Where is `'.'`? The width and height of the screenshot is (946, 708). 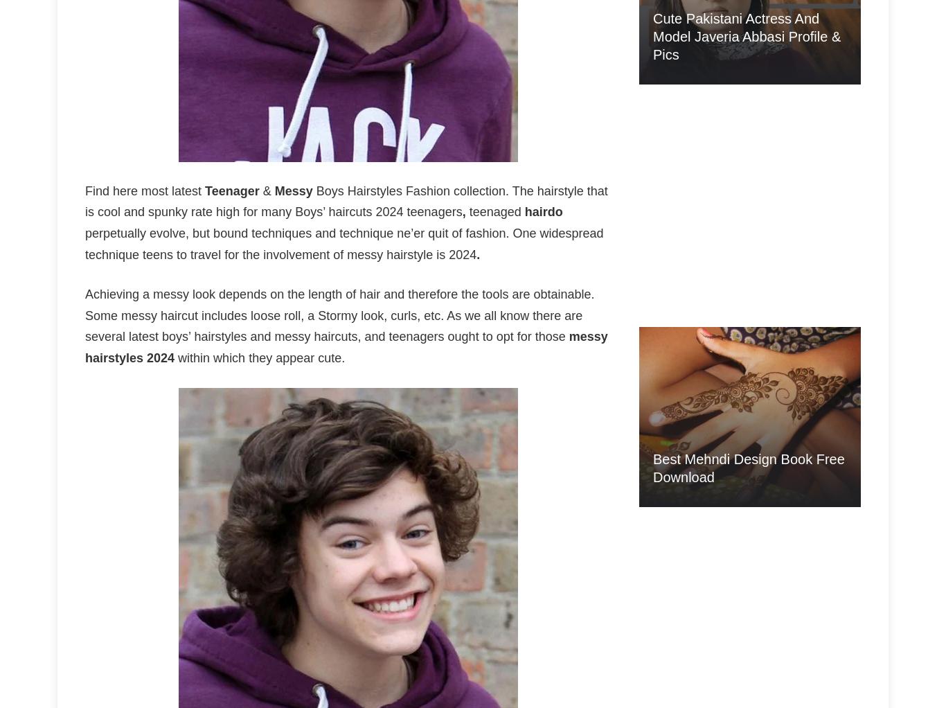 '.' is located at coordinates (478, 254).